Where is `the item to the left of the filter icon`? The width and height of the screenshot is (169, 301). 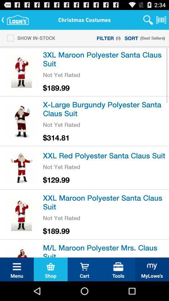 the item to the left of the filter icon is located at coordinates (29, 38).